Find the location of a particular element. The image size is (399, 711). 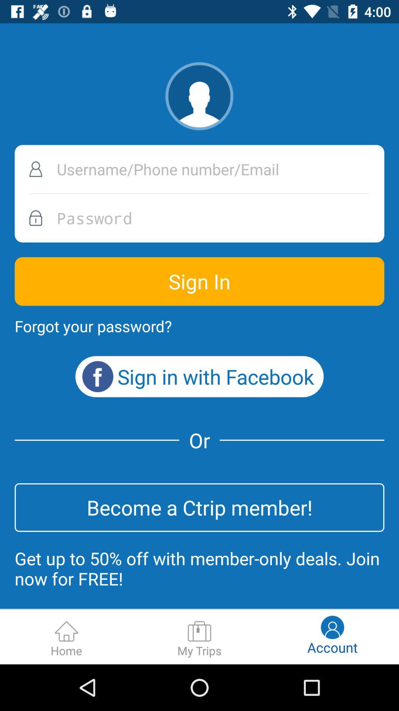

the icon below the sign in icon is located at coordinates (93, 326).